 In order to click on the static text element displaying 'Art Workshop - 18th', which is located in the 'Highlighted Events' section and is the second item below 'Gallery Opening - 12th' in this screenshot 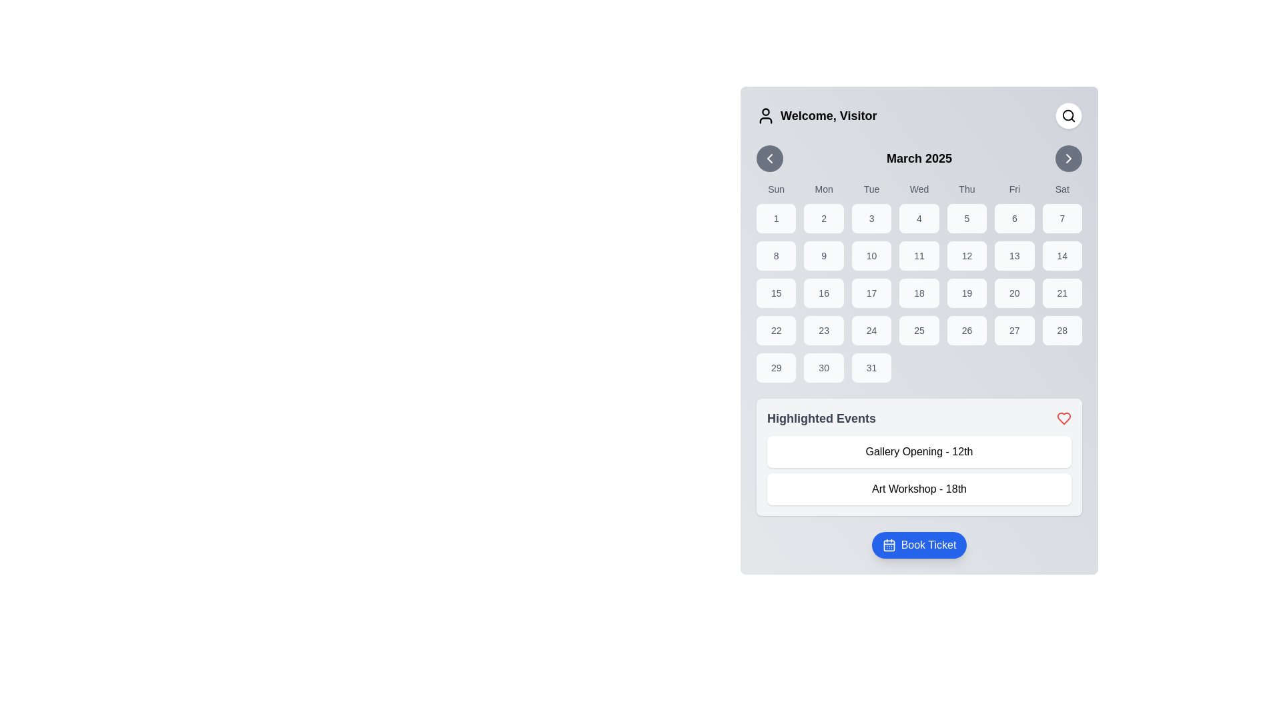, I will do `click(918, 489)`.